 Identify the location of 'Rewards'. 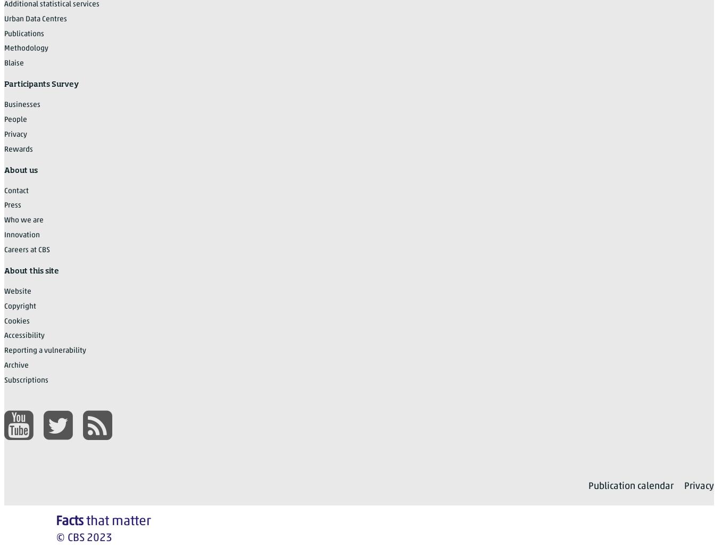
(4, 148).